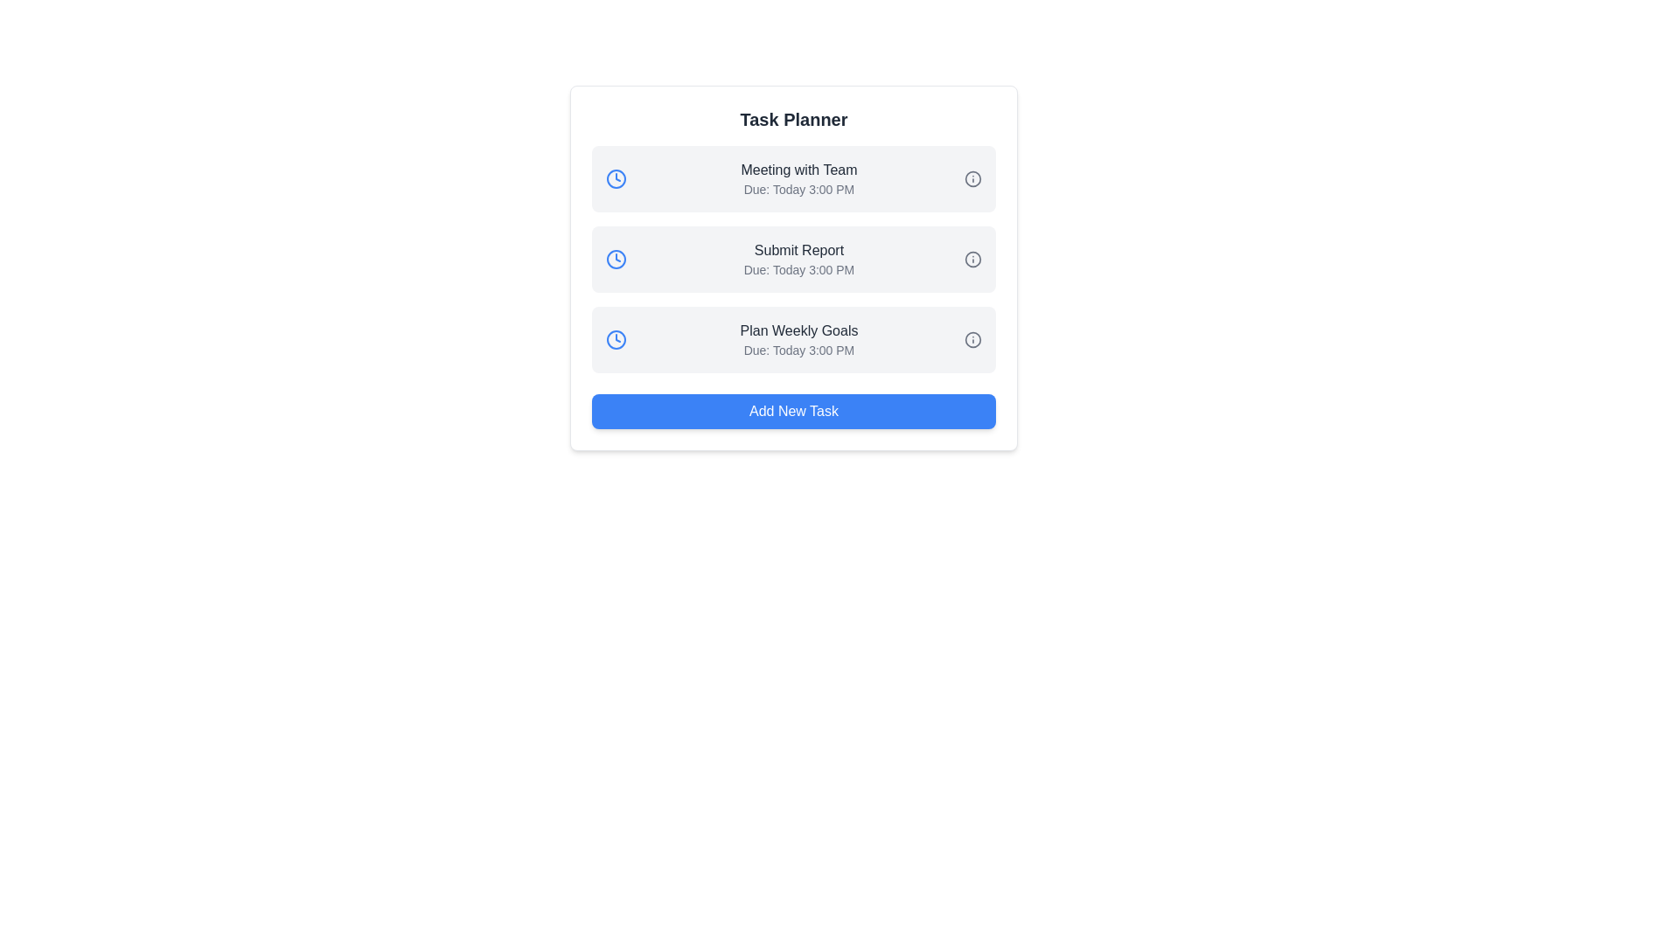 This screenshot has height=944, width=1679. What do you see at coordinates (972, 260) in the screenshot?
I see `the SVG Circle element that serves as the base circular shape of the information icon on the rightmost side of the 'Submit Report' task row` at bounding box center [972, 260].